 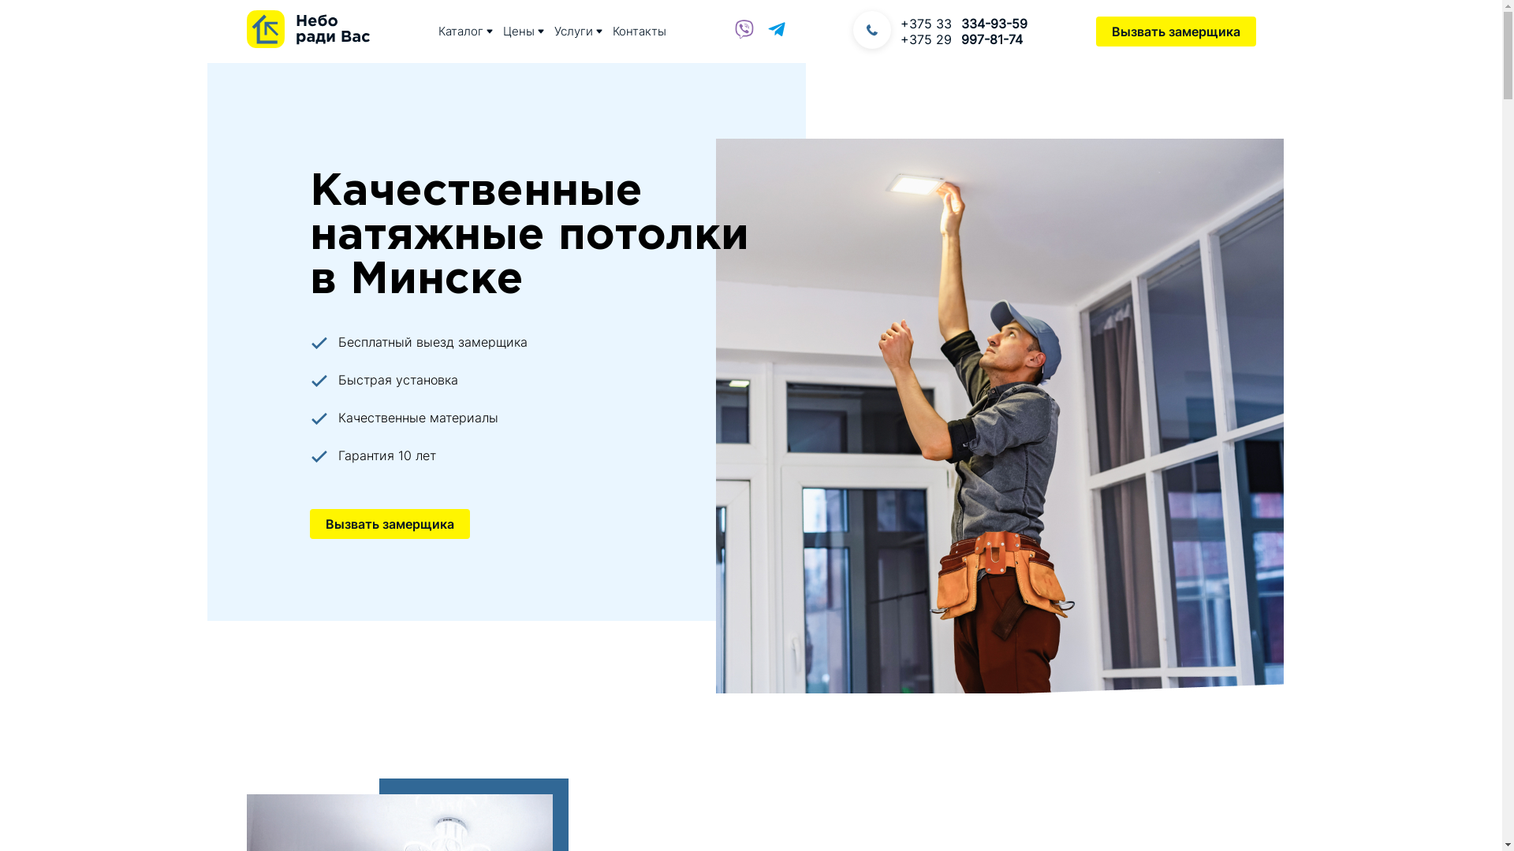 I want to click on '+375 29, so click(x=963, y=39).